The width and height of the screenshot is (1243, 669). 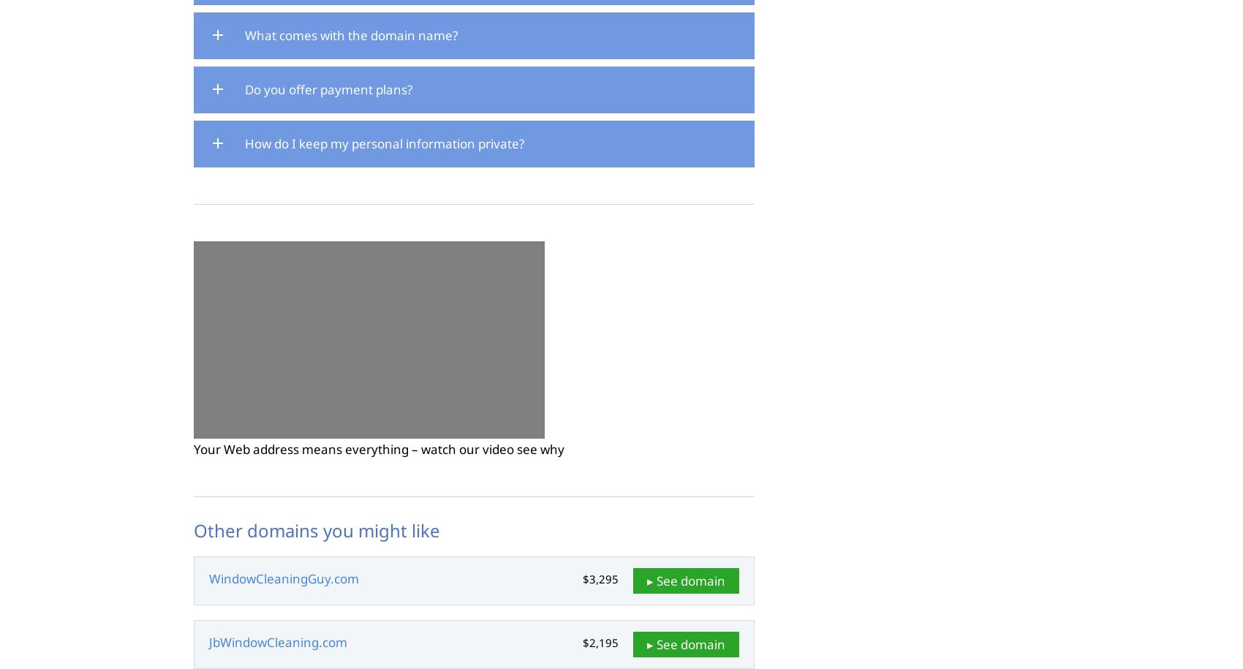 I want to click on 'How do I keep my personal information private?', so click(x=384, y=142).